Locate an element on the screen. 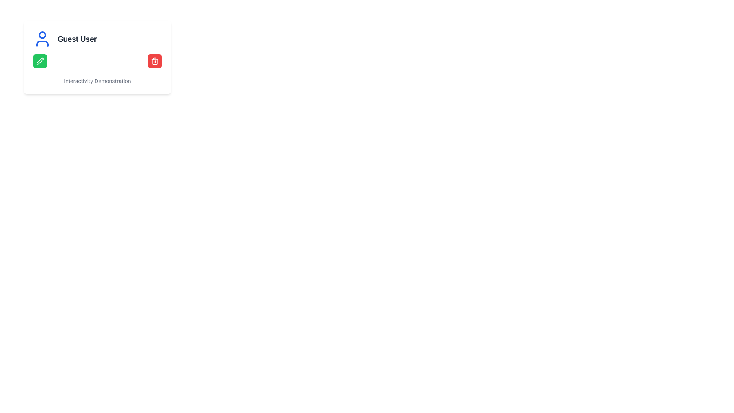  the icon button with a pen symbol located within a green square button is located at coordinates (40, 60).